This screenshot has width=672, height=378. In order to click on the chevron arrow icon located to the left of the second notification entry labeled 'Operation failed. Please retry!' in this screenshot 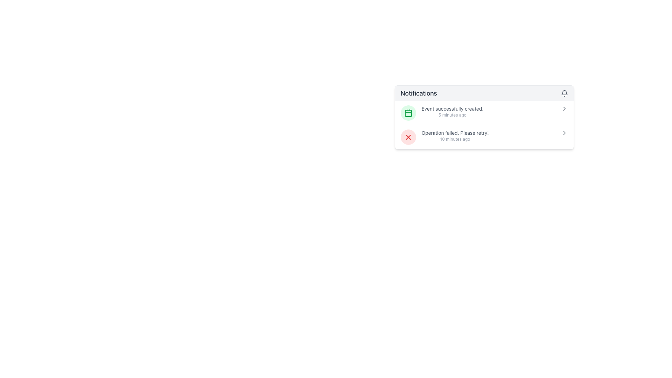, I will do `click(564, 133)`.